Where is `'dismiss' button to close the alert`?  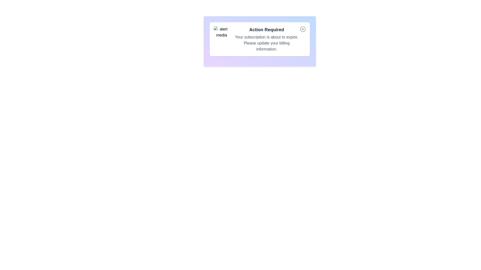
'dismiss' button to close the alert is located at coordinates (302, 29).